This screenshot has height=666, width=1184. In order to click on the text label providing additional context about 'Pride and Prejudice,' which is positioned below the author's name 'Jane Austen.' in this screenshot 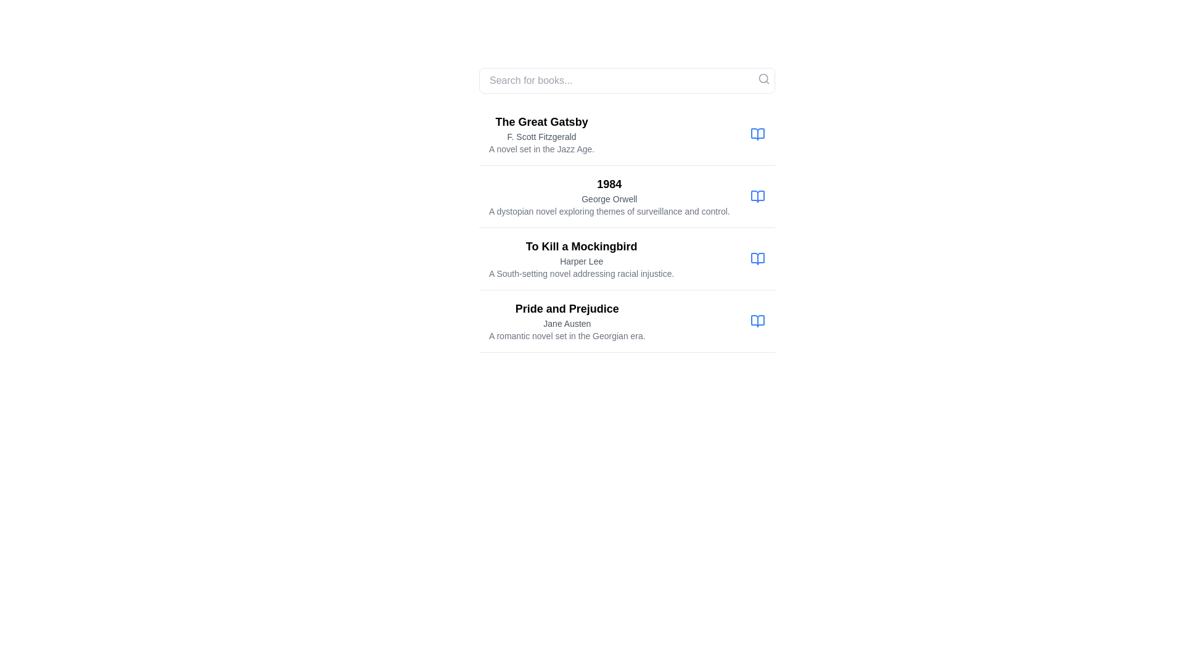, I will do `click(566, 335)`.